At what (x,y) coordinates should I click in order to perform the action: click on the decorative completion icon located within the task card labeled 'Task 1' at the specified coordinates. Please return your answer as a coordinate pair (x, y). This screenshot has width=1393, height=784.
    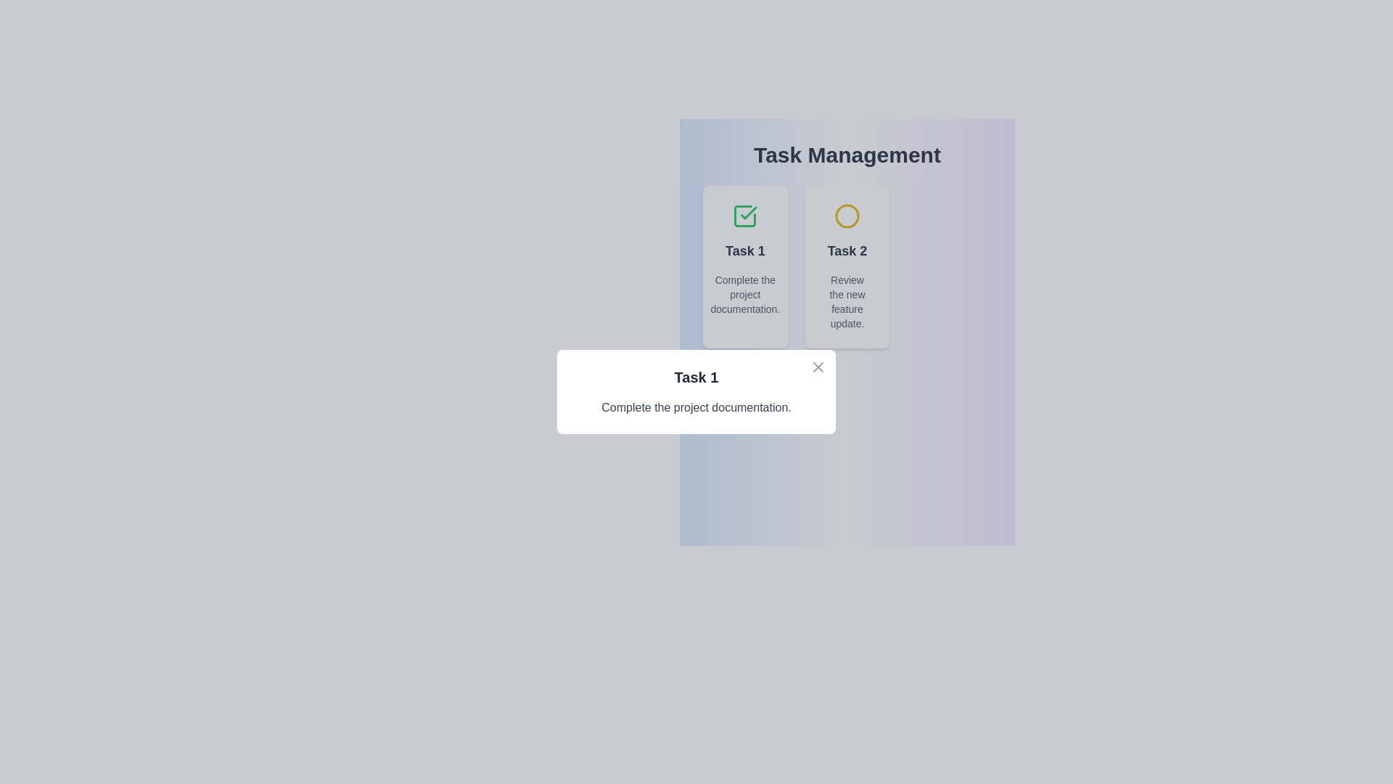
    Looking at the image, I should click on (749, 213).